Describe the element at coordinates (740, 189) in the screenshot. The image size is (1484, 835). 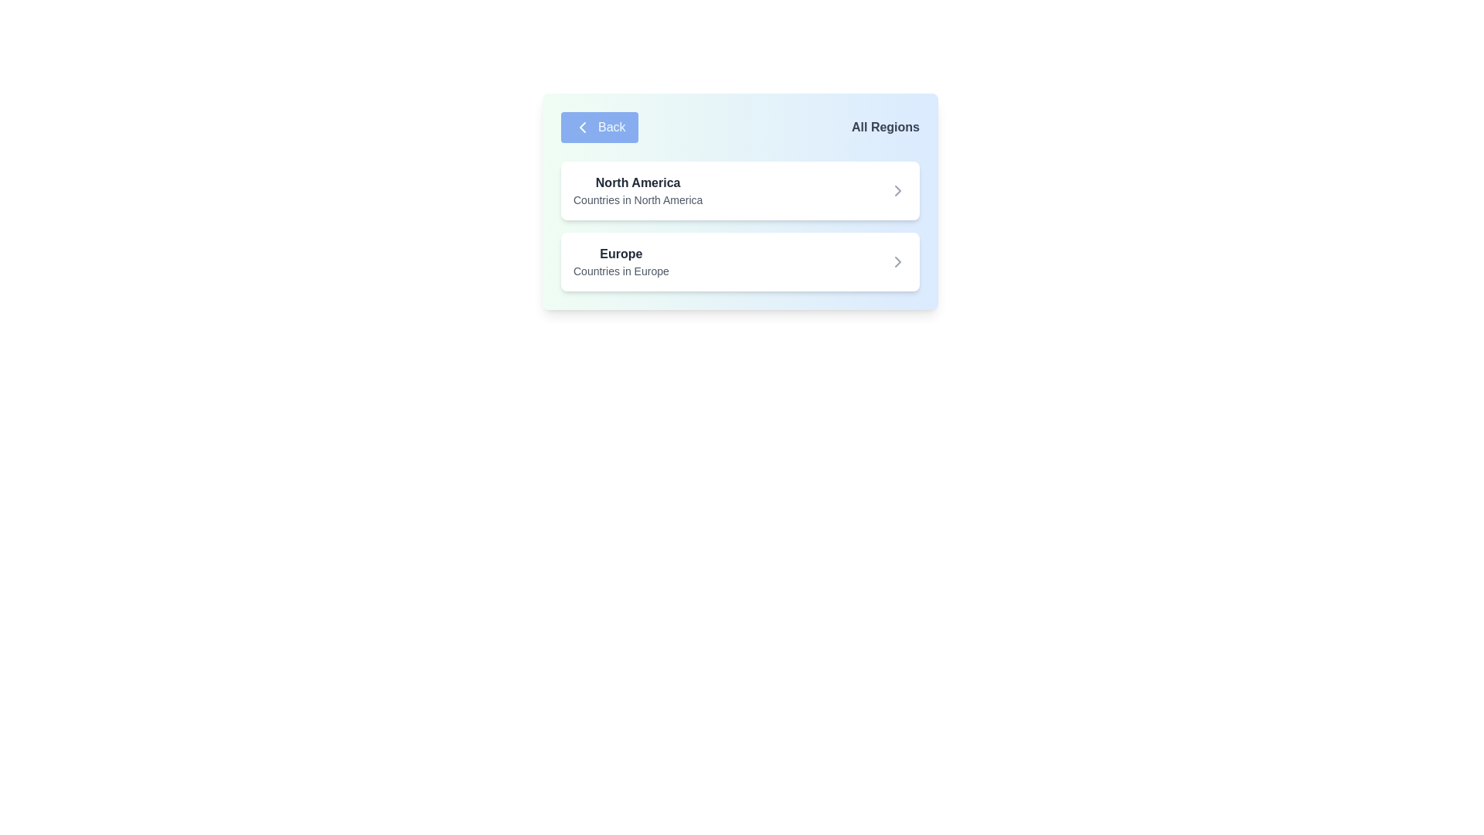
I see `the navigation card for 'North America' located at the top-left corner of the list` at that location.